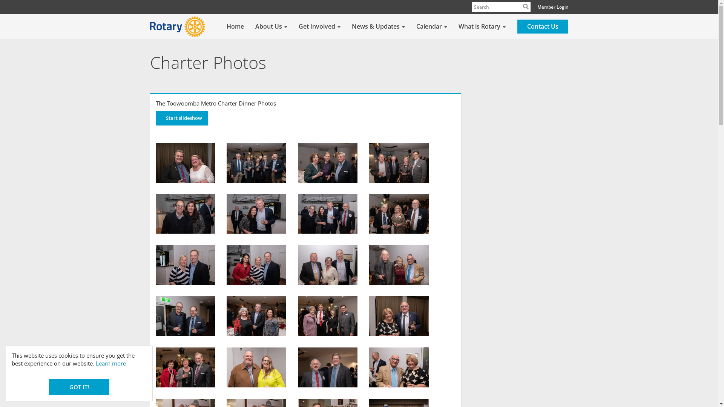  Describe the element at coordinates (345, 26) in the screenshot. I see `'News & Updates'` at that location.